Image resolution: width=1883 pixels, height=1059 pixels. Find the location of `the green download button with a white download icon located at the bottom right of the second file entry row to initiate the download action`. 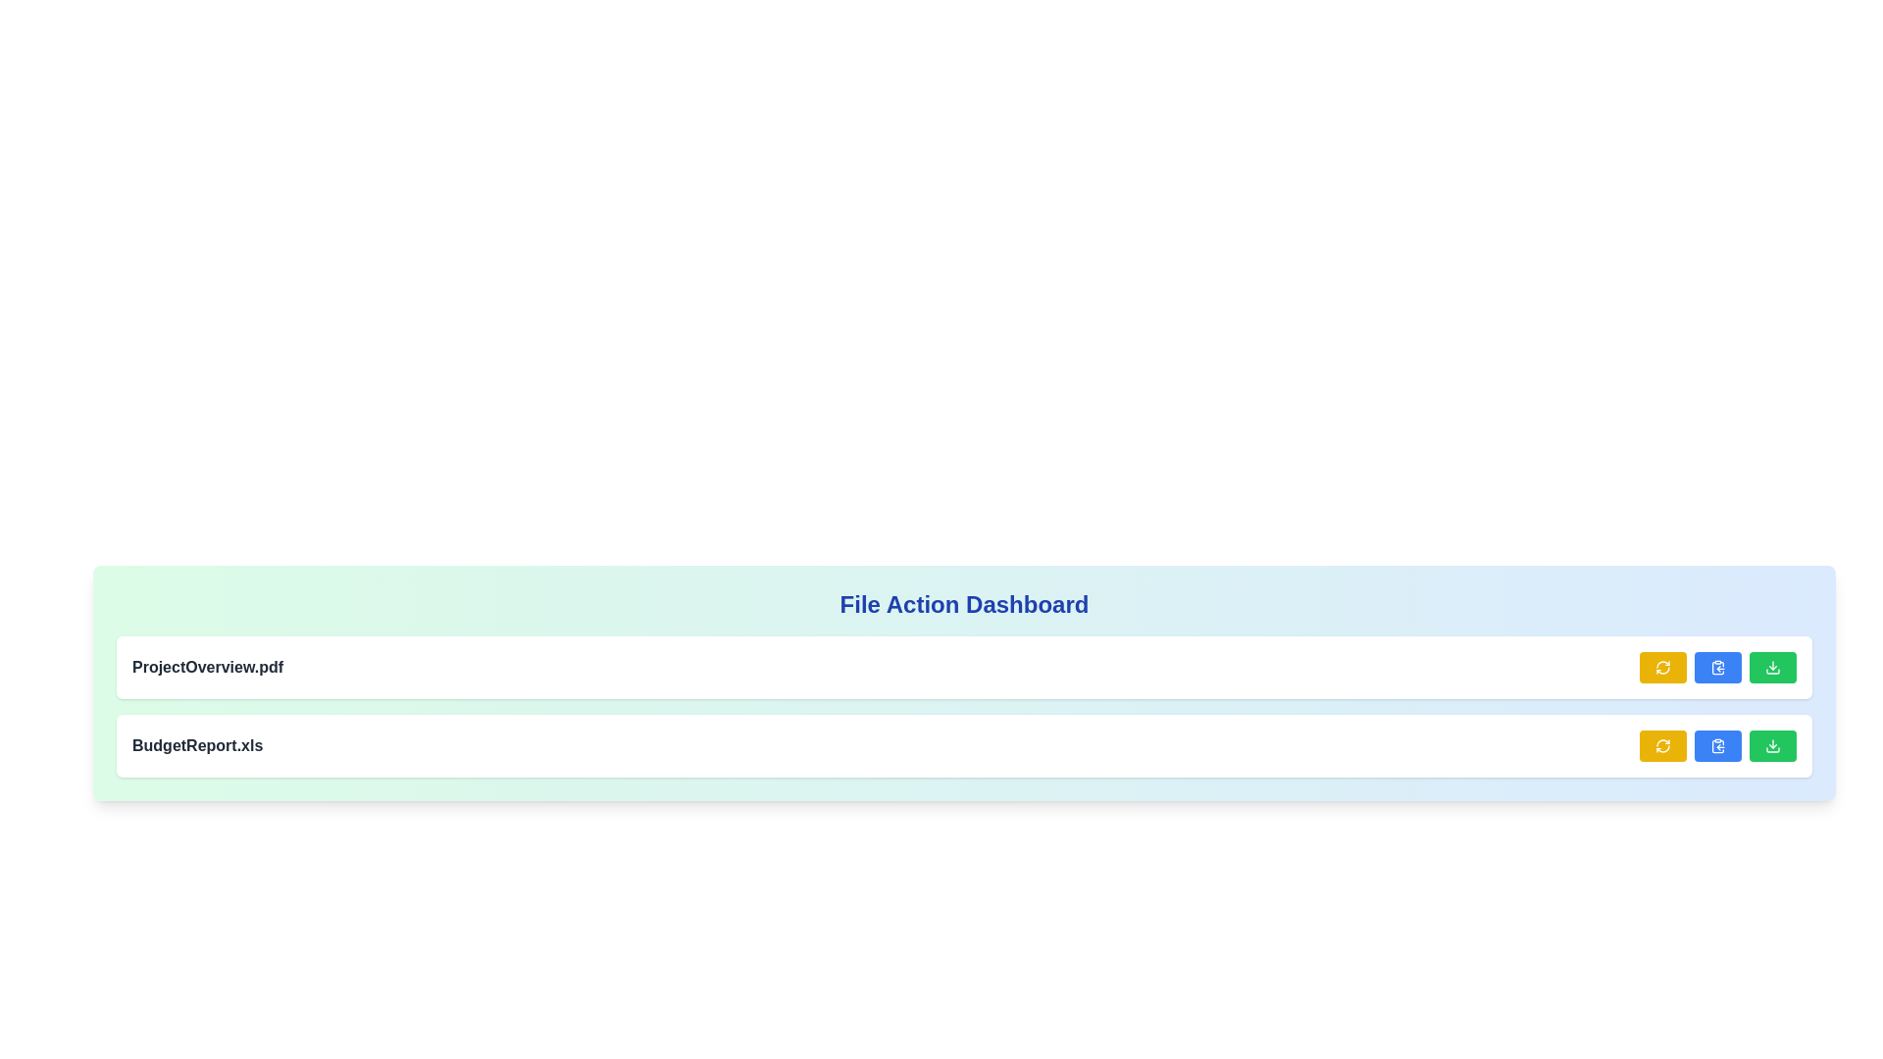

the green download button with a white download icon located at the bottom right of the second file entry row to initiate the download action is located at coordinates (1773, 667).